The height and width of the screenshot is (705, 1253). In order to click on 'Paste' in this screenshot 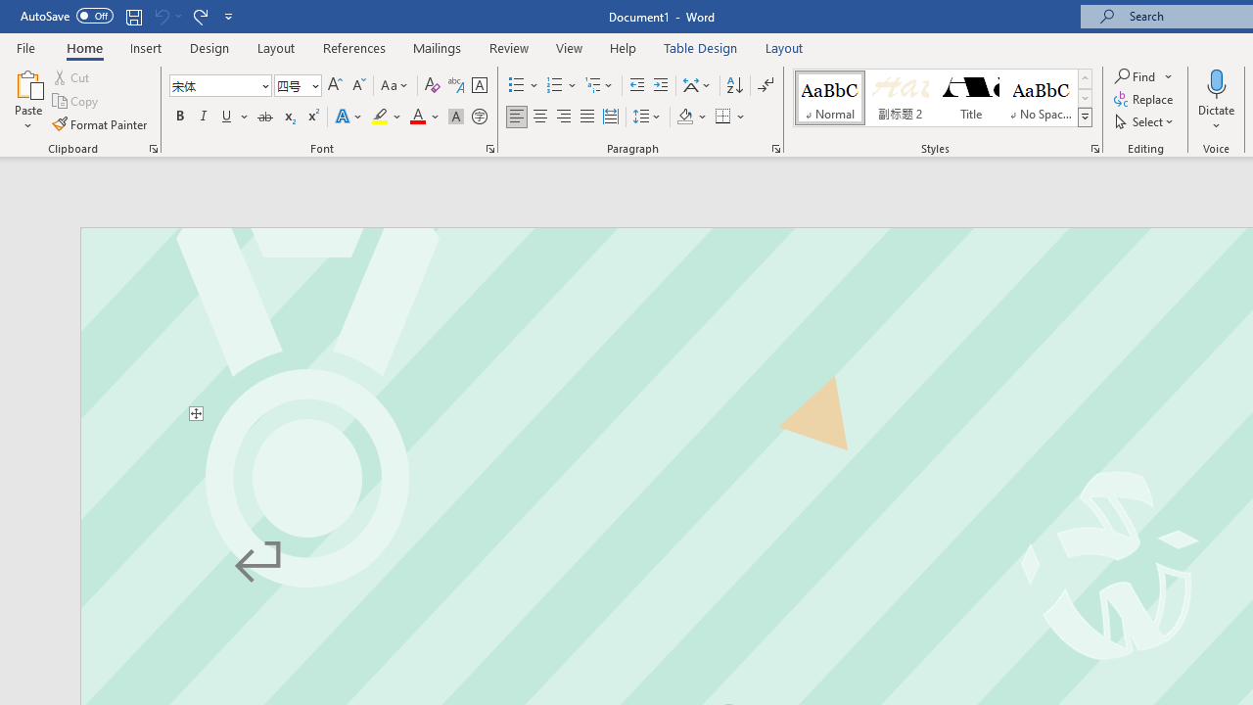, I will do `click(27, 101)`.